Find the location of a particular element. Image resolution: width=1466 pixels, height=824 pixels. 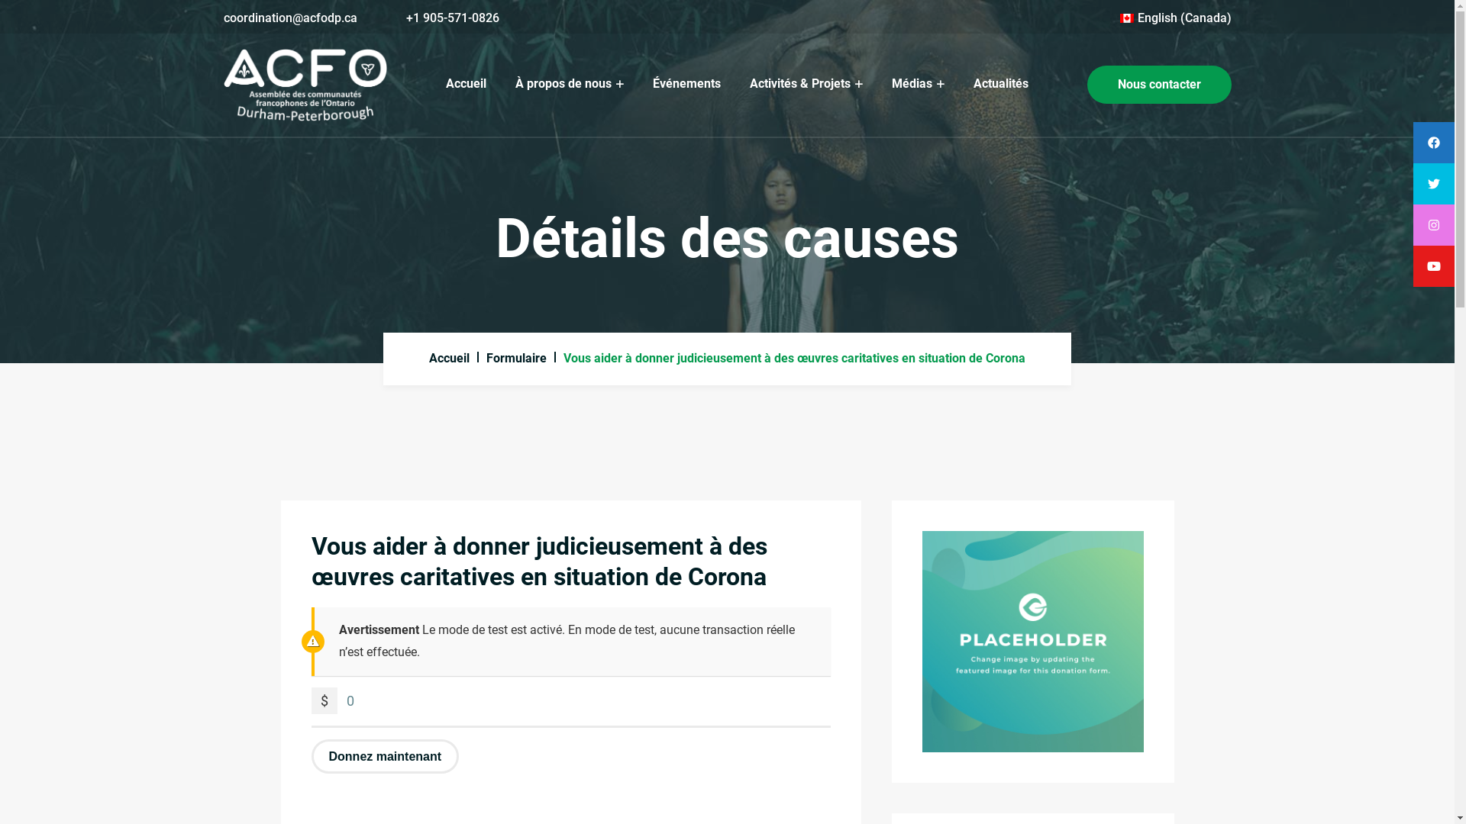

'coordination@acfodp.ca' is located at coordinates (289, 18).